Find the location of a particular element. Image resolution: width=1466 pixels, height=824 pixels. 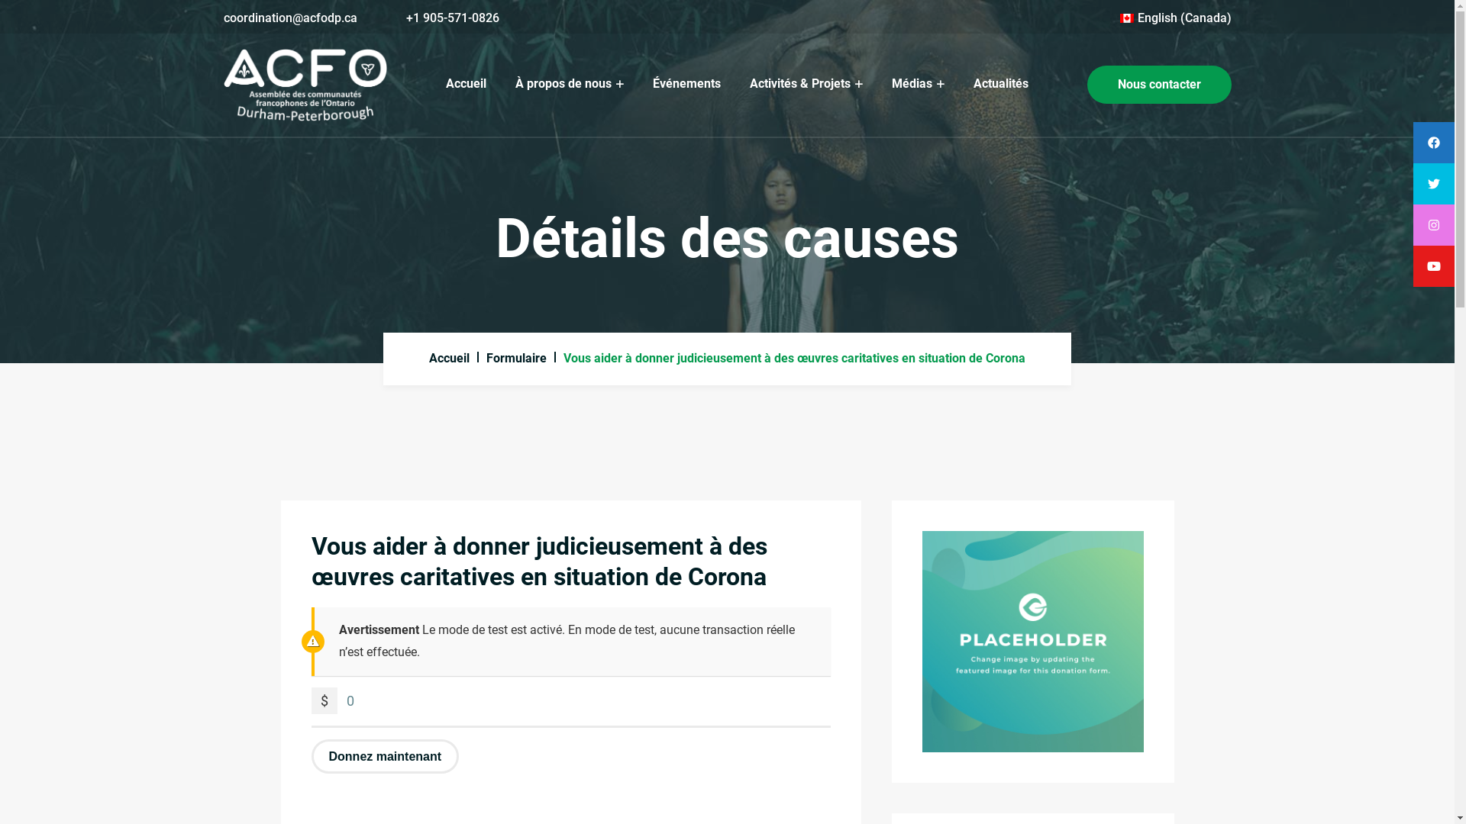

'coordination@acfodp.ca' is located at coordinates (289, 18).